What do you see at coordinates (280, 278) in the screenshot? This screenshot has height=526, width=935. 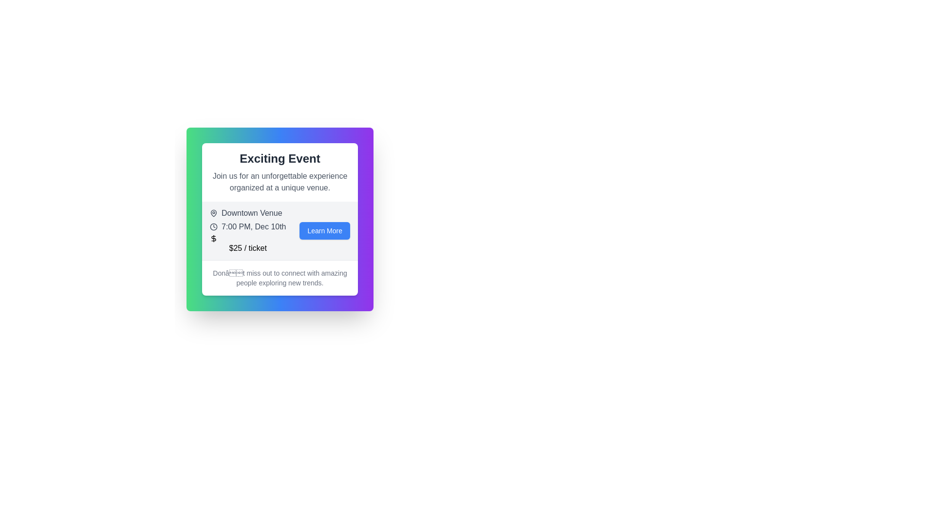 I see `the text block at the bottom of the card that says 'Don’t miss out to connect with amazing people exploring new trends.'` at bounding box center [280, 278].